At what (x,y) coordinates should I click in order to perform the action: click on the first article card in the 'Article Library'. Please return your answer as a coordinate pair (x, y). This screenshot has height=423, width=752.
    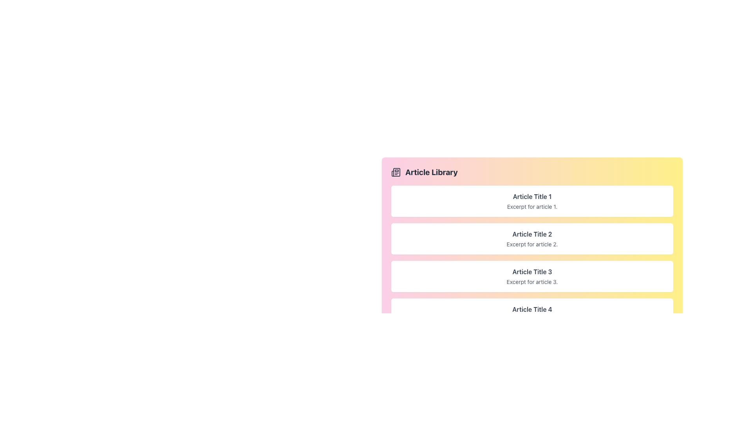
    Looking at the image, I should click on (532, 201).